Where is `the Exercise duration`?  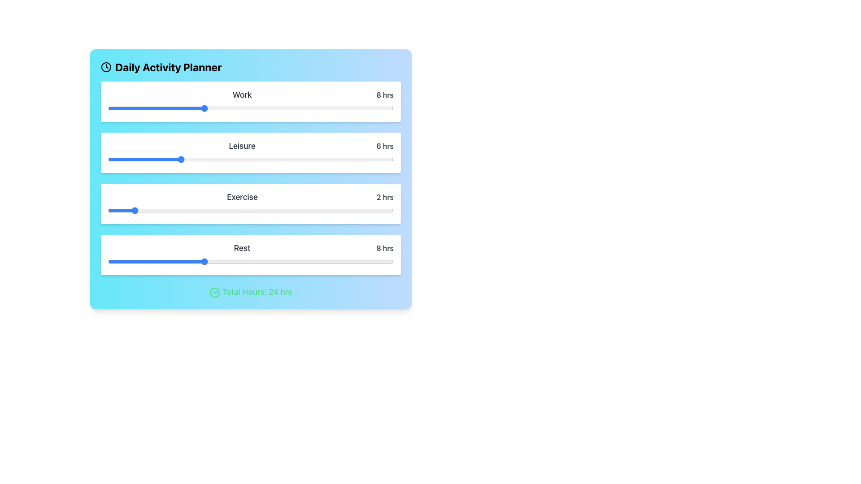 the Exercise duration is located at coordinates (167, 211).